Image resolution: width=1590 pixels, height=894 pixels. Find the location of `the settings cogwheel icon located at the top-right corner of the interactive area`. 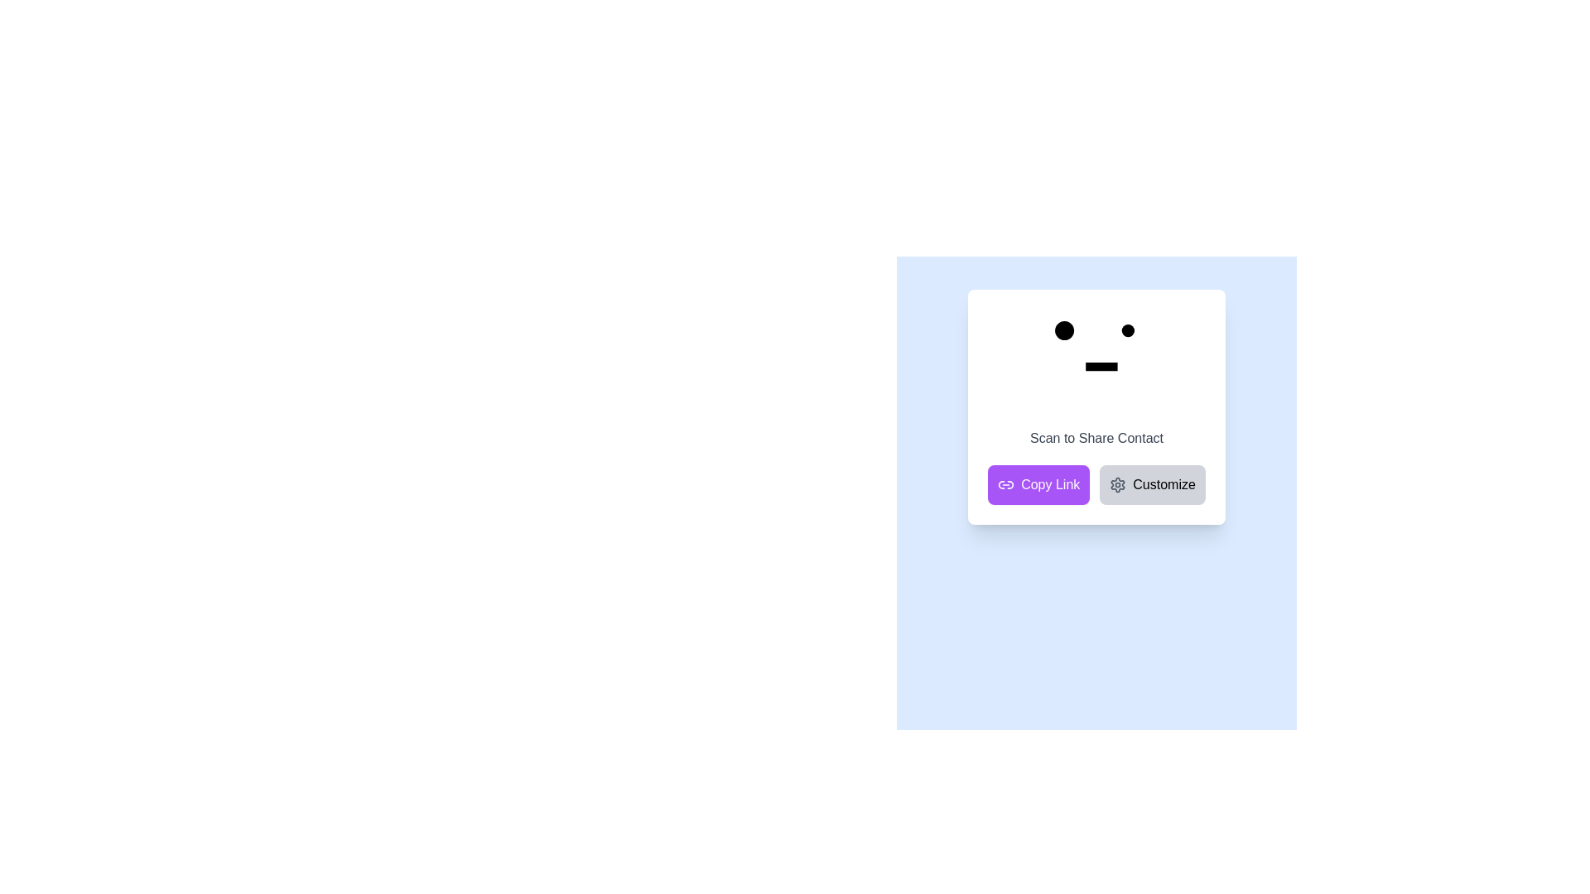

the settings cogwheel icon located at the top-right corner of the interactive area is located at coordinates (1118, 484).